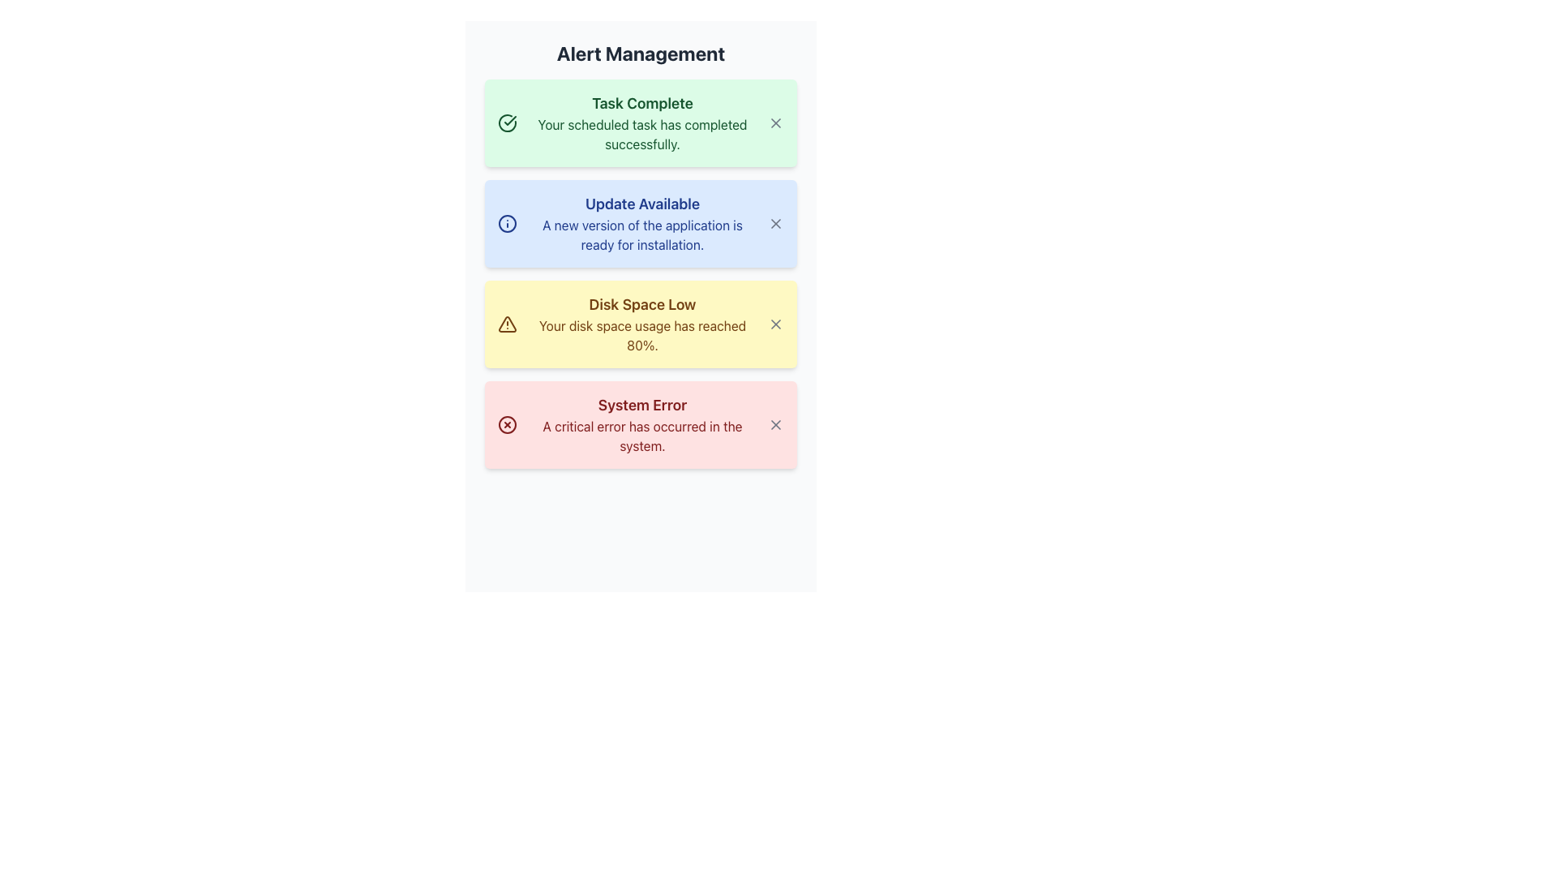  What do you see at coordinates (640, 324) in the screenshot?
I see `the Notification Card that alerts users about low disk space usage, positioned as the third item in the vertical stack of notifications under 'Alert Management'` at bounding box center [640, 324].